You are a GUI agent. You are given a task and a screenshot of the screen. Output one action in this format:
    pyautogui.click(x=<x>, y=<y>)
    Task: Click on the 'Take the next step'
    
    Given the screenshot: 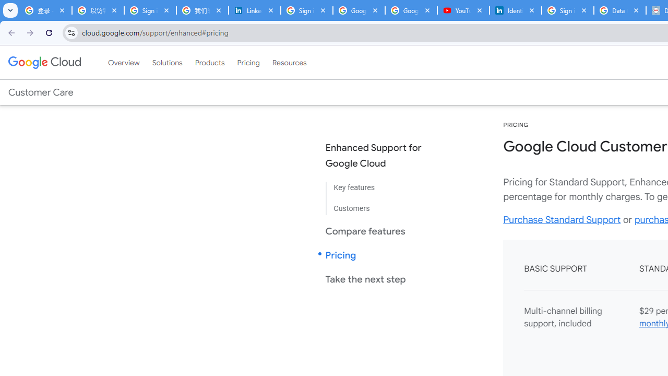 What is the action you would take?
    pyautogui.click(x=381, y=278)
    